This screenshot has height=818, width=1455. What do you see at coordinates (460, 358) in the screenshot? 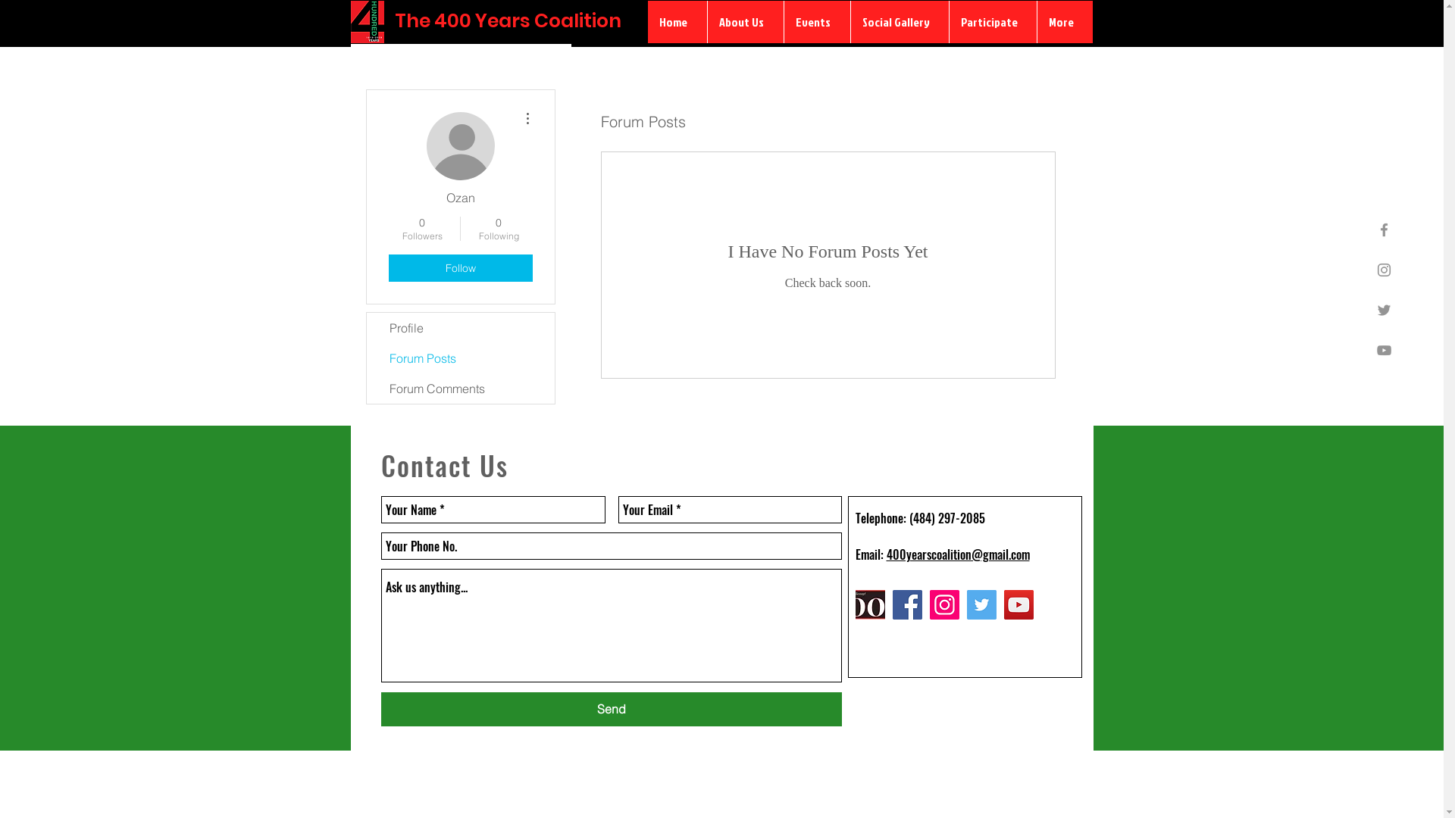
I see `'Forum Posts'` at bounding box center [460, 358].